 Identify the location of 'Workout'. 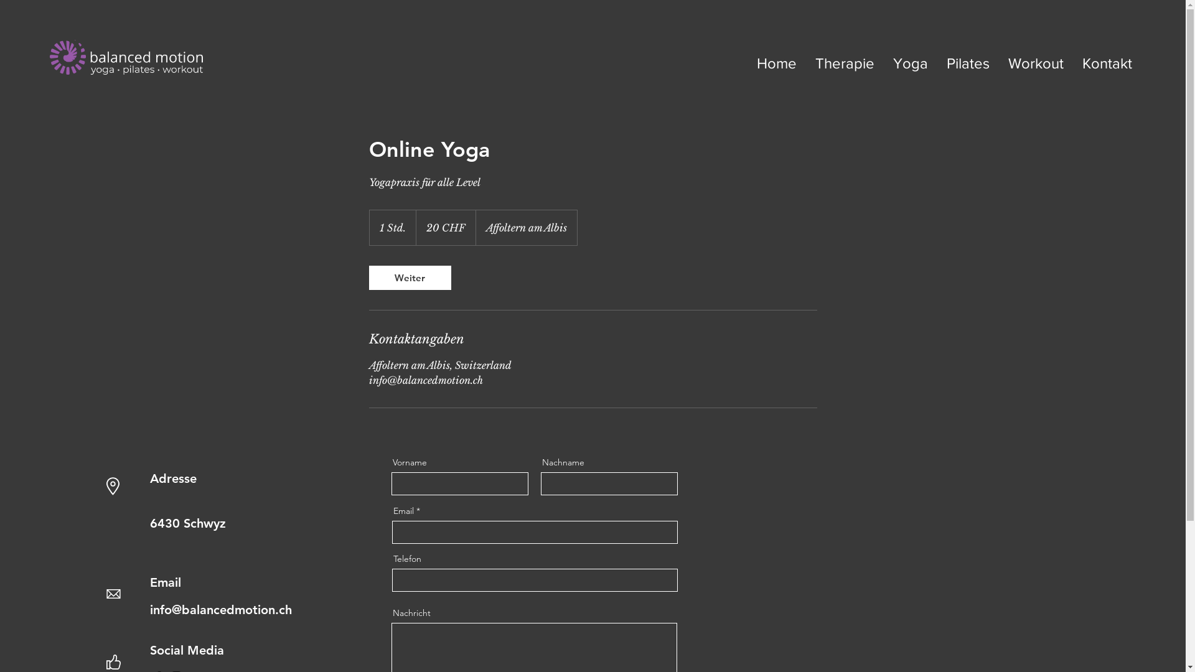
(1036, 63).